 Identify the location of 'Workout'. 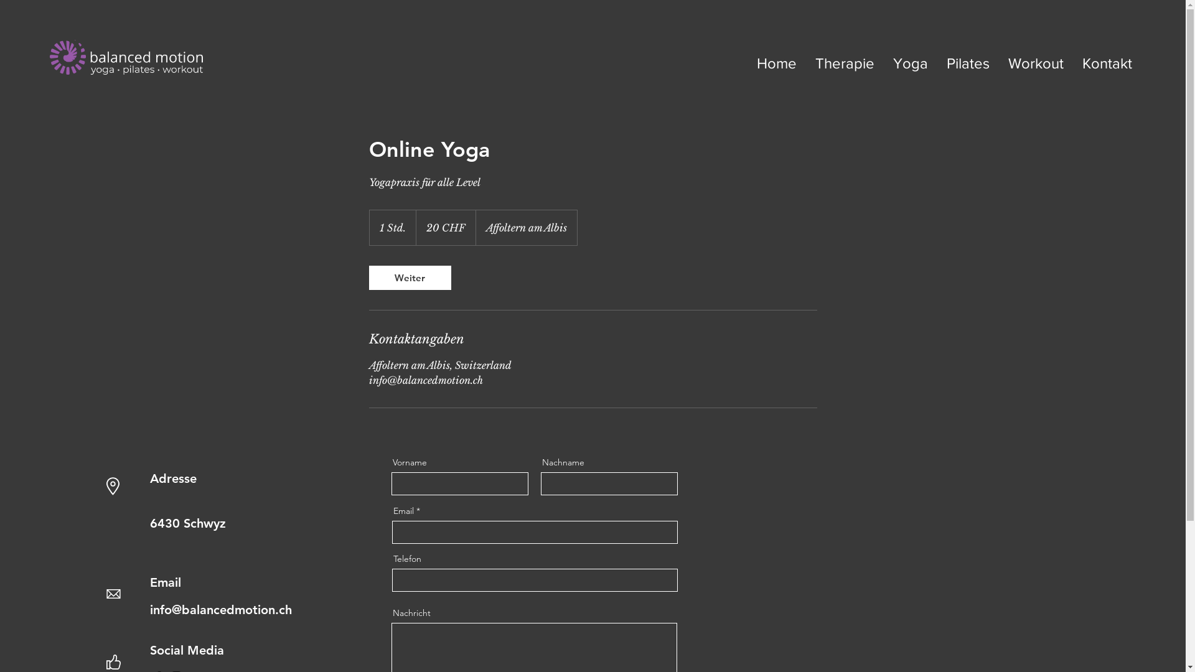
(1036, 63).